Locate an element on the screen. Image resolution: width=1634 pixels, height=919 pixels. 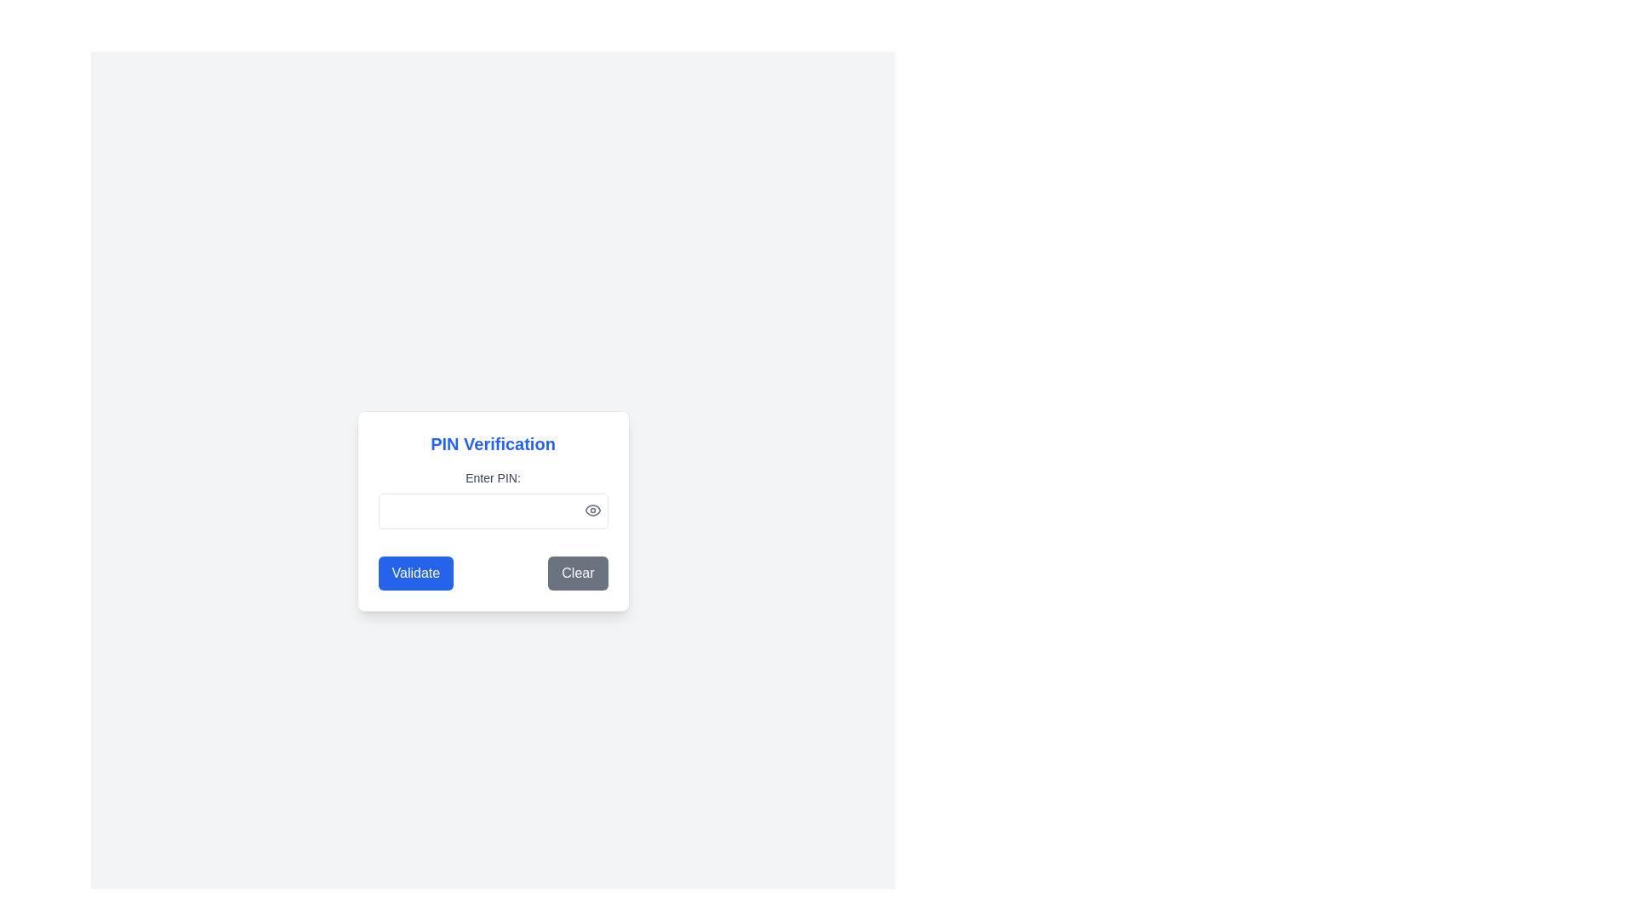
the PIN input field located in the PIN Verification modal, which is positioned below the title 'PIN Verification' and above the 'Validate' and 'Clear' buttons is located at coordinates (492, 498).